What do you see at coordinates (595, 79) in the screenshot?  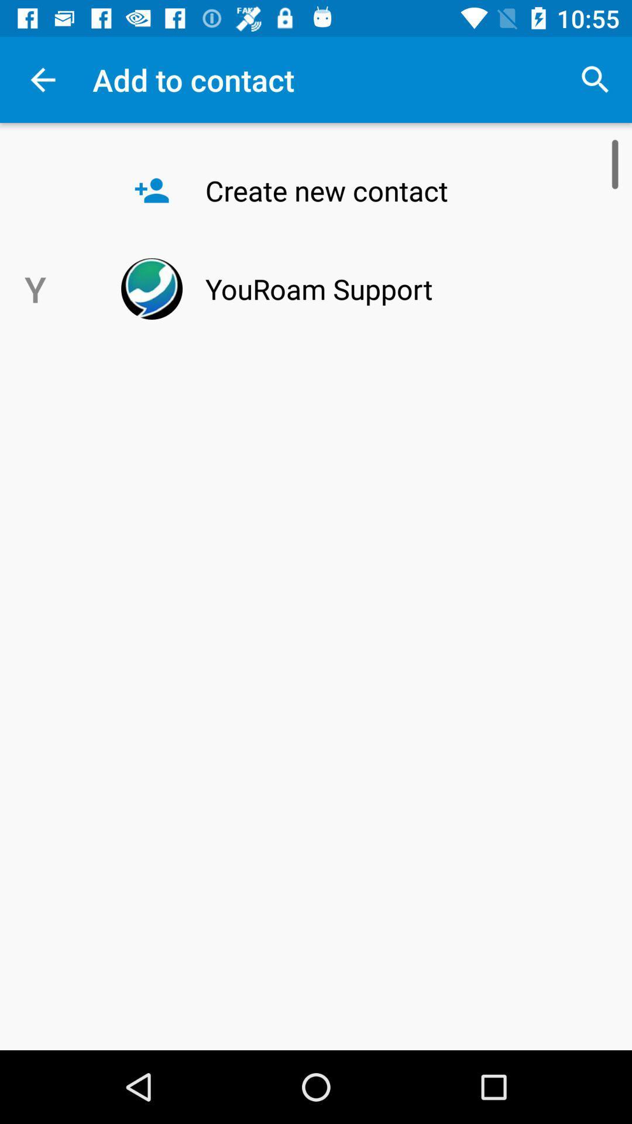 I see `the icon at the top right corner` at bounding box center [595, 79].